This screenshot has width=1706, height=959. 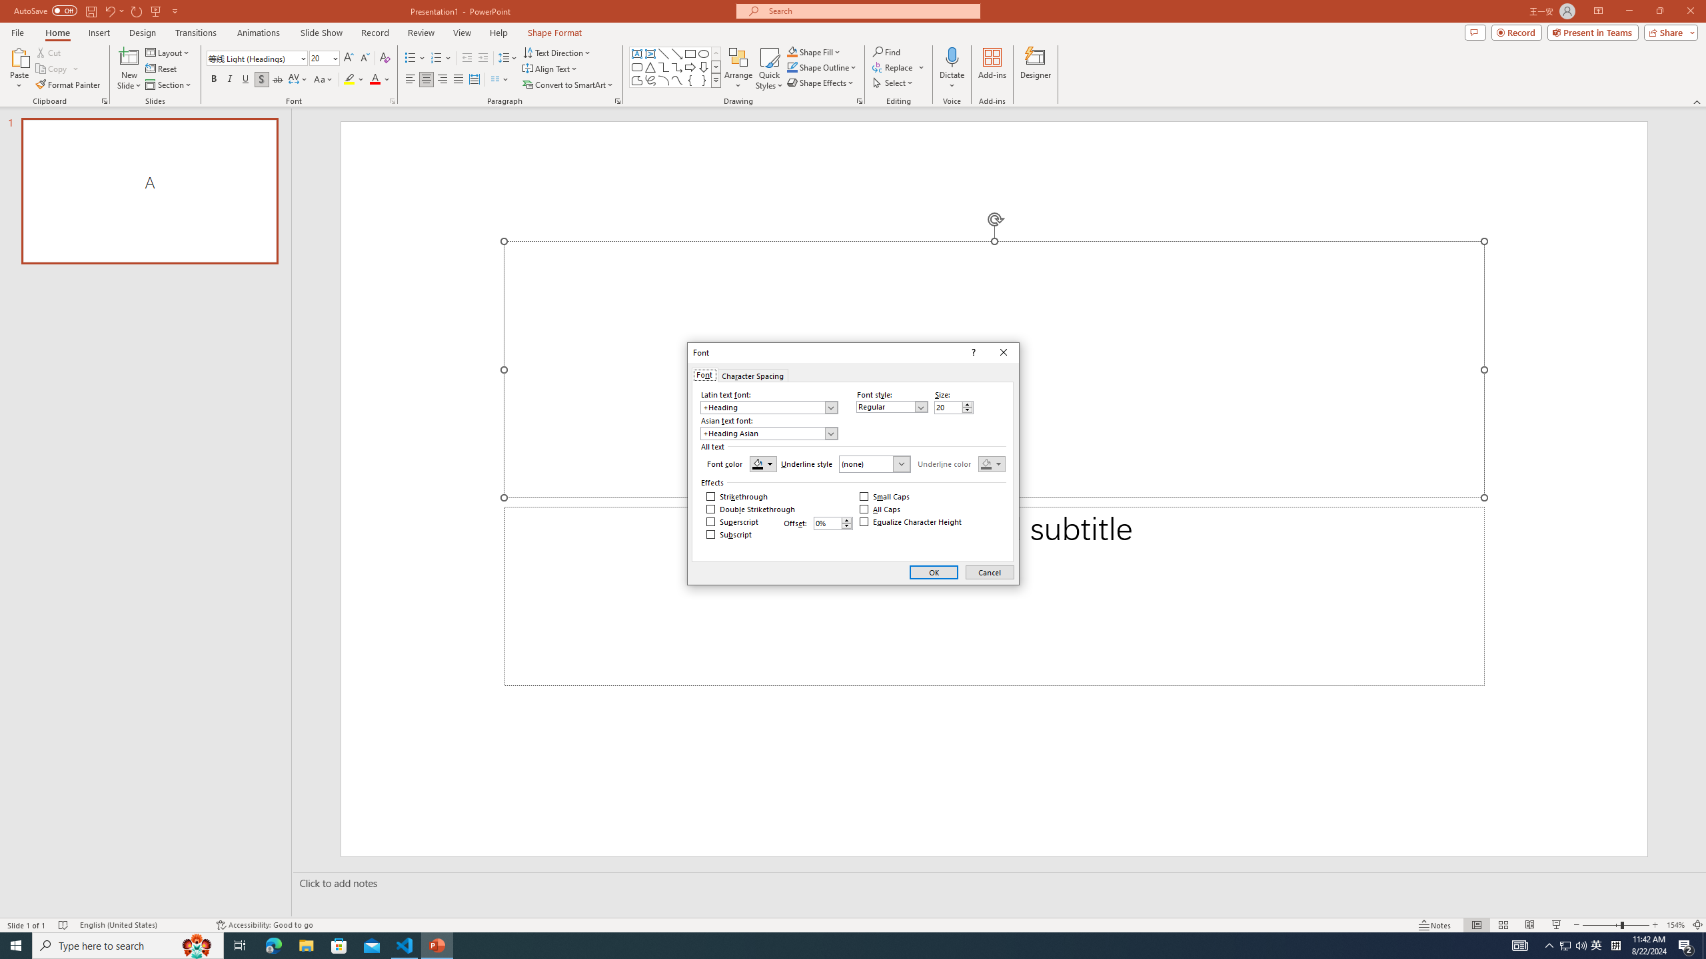 What do you see at coordinates (880, 509) in the screenshot?
I see `'All Caps'` at bounding box center [880, 509].